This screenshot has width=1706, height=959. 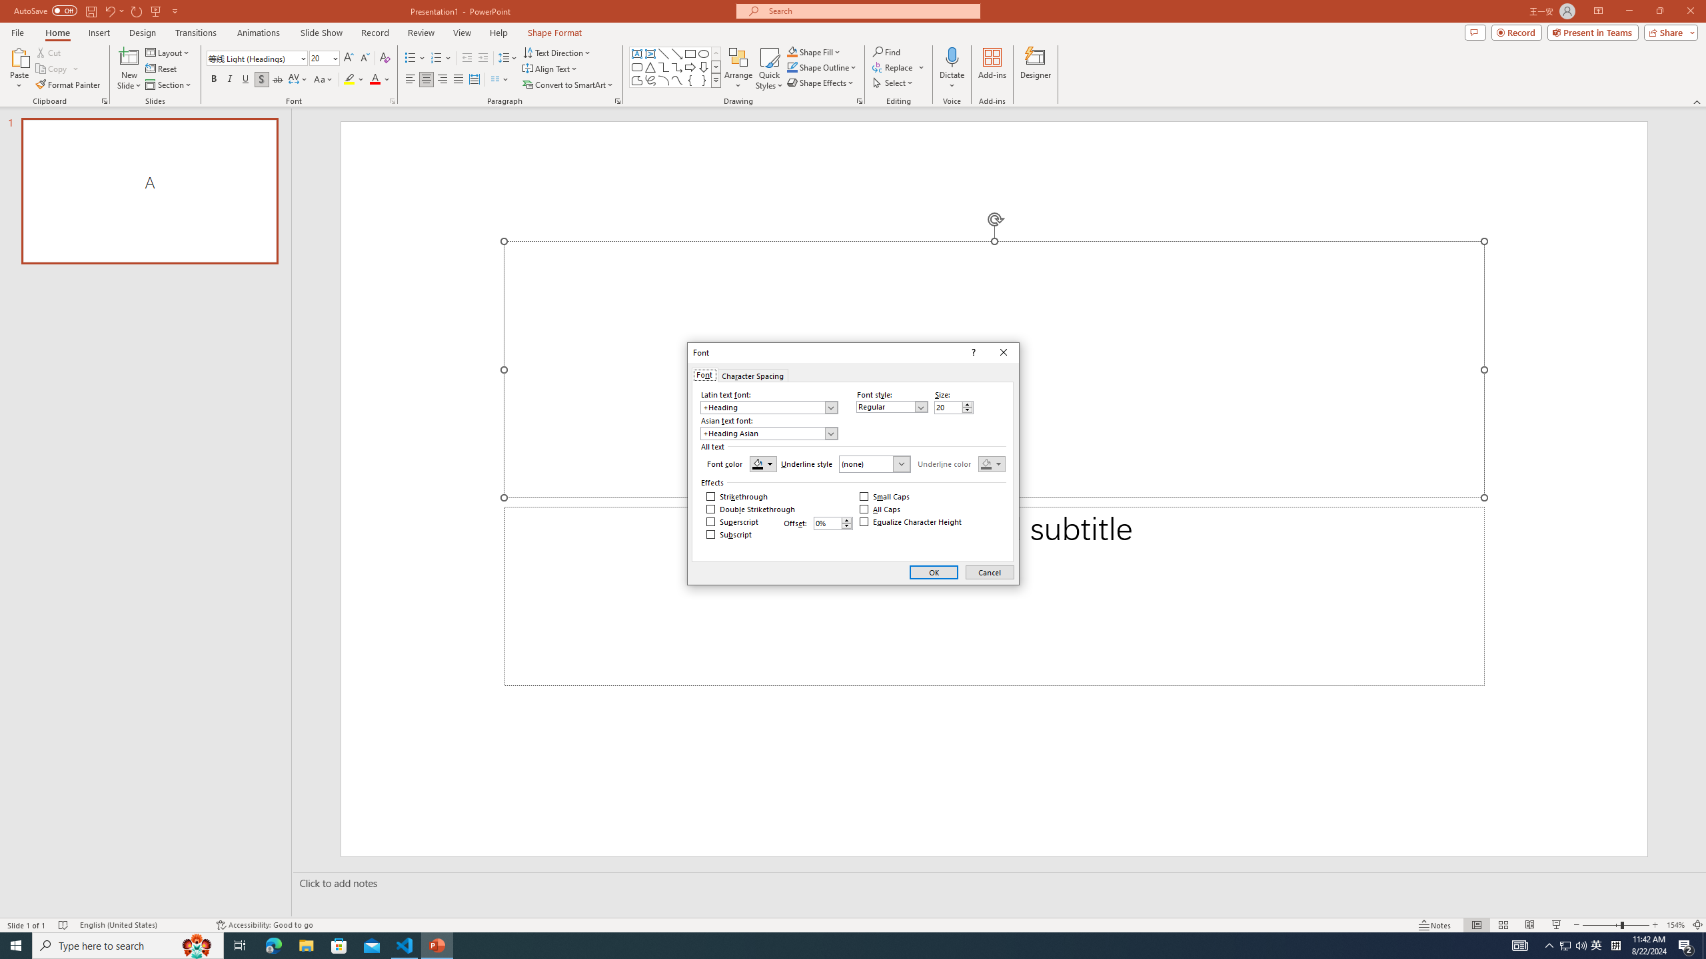 What do you see at coordinates (880, 509) in the screenshot?
I see `'All Caps'` at bounding box center [880, 509].